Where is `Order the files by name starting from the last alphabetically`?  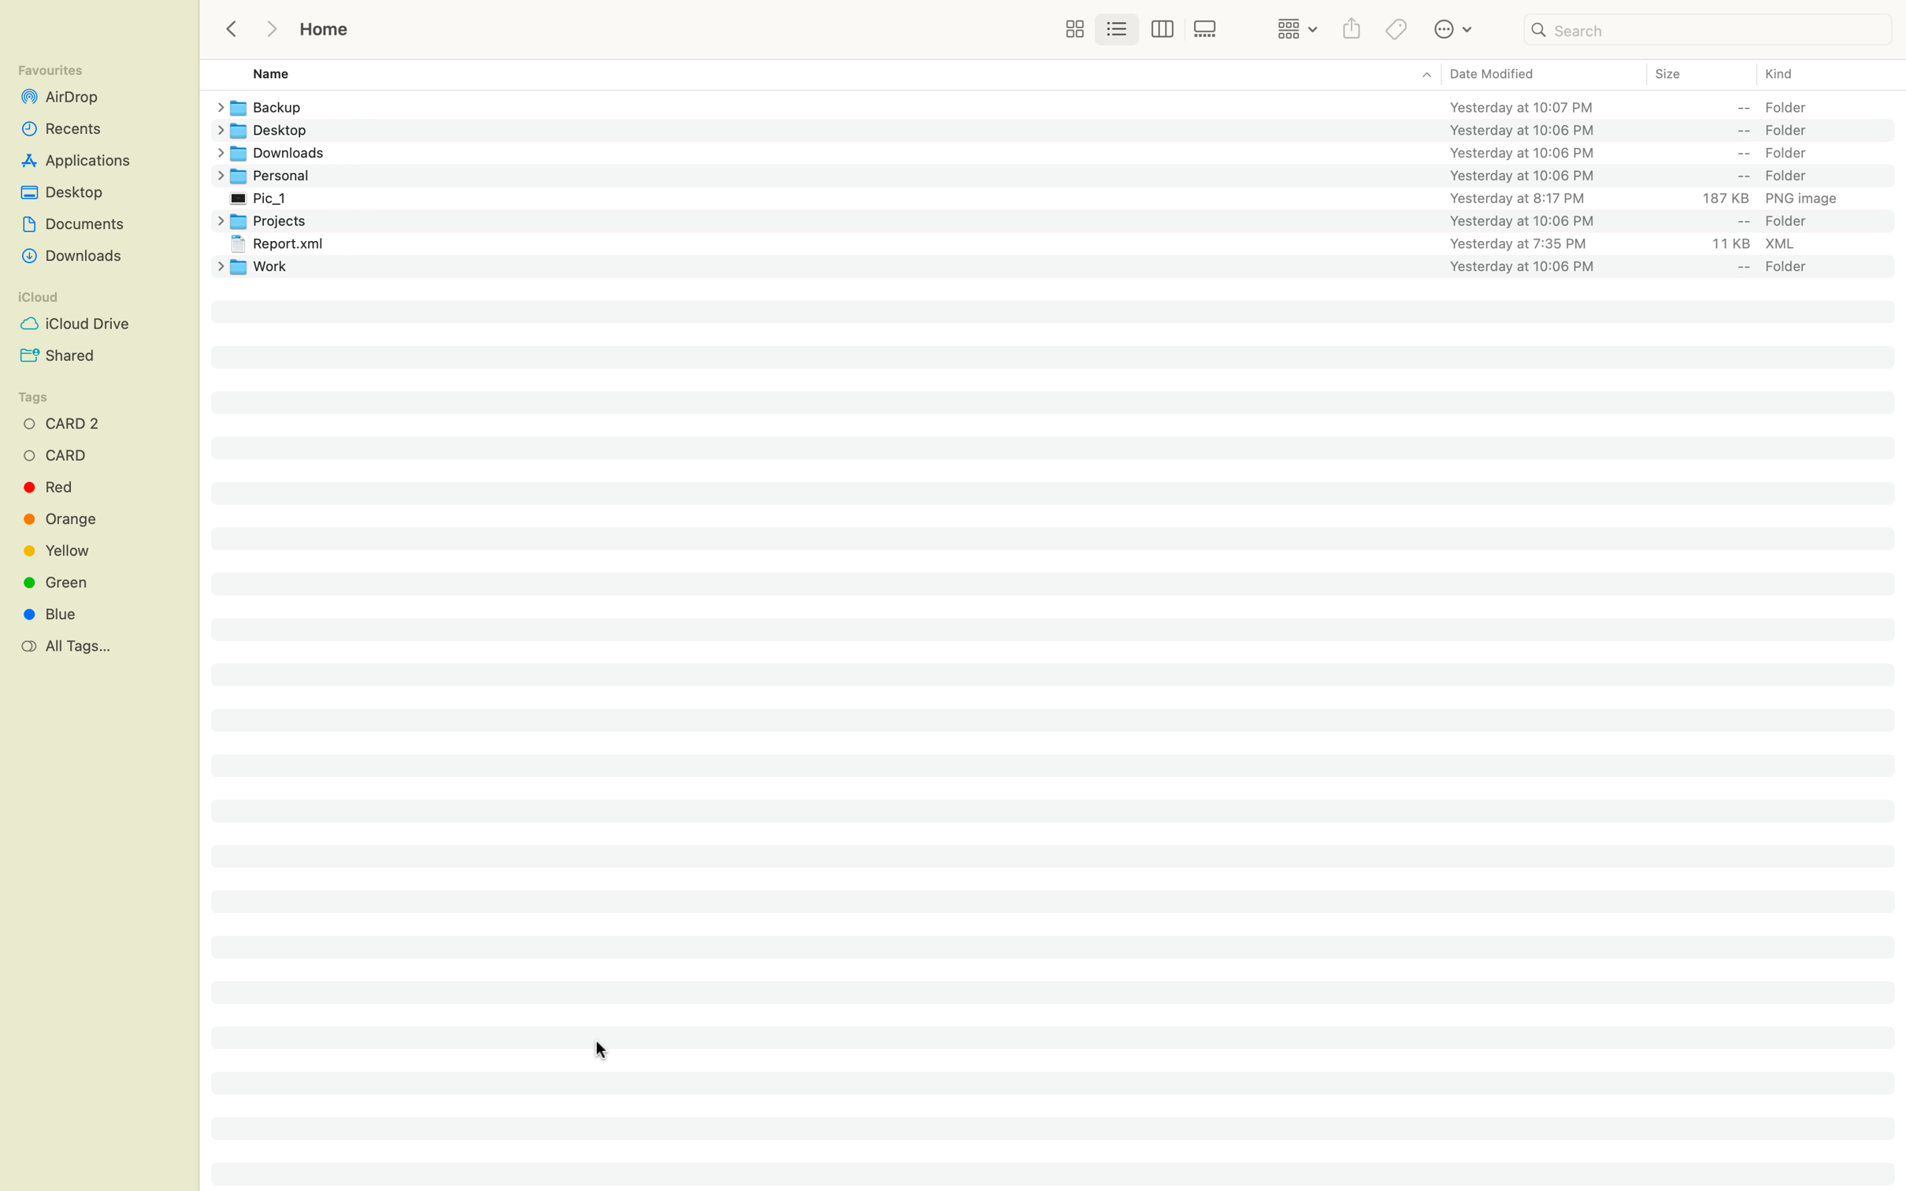
Order the files by name starting from the last alphabetically is located at coordinates (820, 75).